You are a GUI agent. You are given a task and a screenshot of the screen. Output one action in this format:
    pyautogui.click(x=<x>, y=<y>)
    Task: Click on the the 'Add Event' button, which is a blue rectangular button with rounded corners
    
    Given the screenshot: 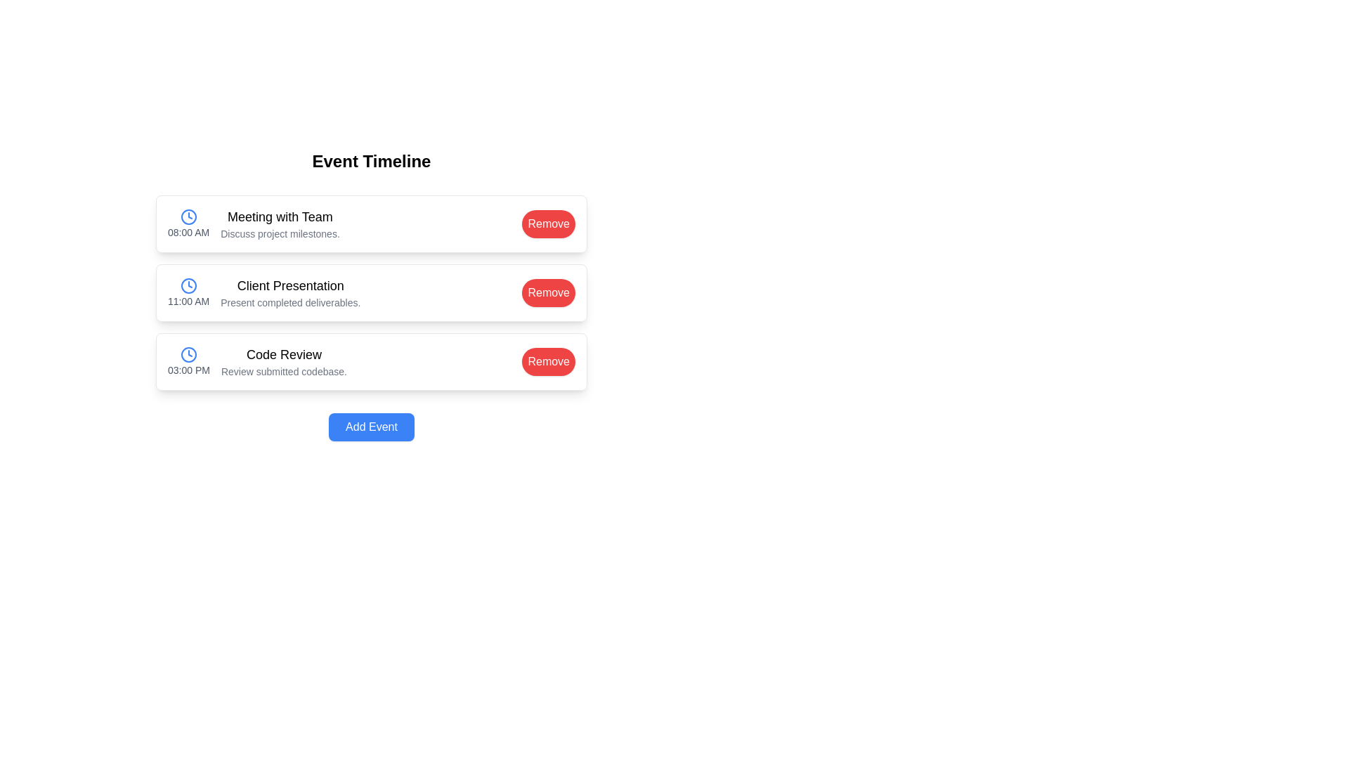 What is the action you would take?
    pyautogui.click(x=371, y=427)
    